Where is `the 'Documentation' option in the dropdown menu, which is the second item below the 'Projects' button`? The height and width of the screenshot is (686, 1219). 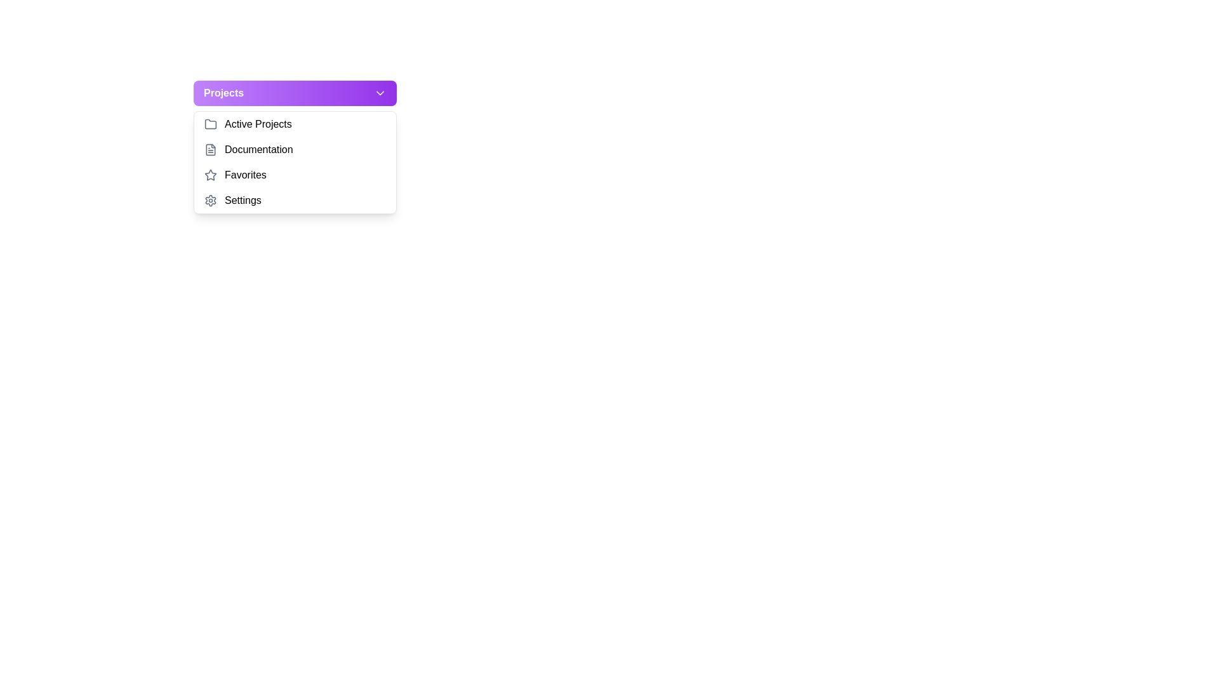
the 'Documentation' option in the dropdown menu, which is the second item below the 'Projects' button is located at coordinates (295, 161).